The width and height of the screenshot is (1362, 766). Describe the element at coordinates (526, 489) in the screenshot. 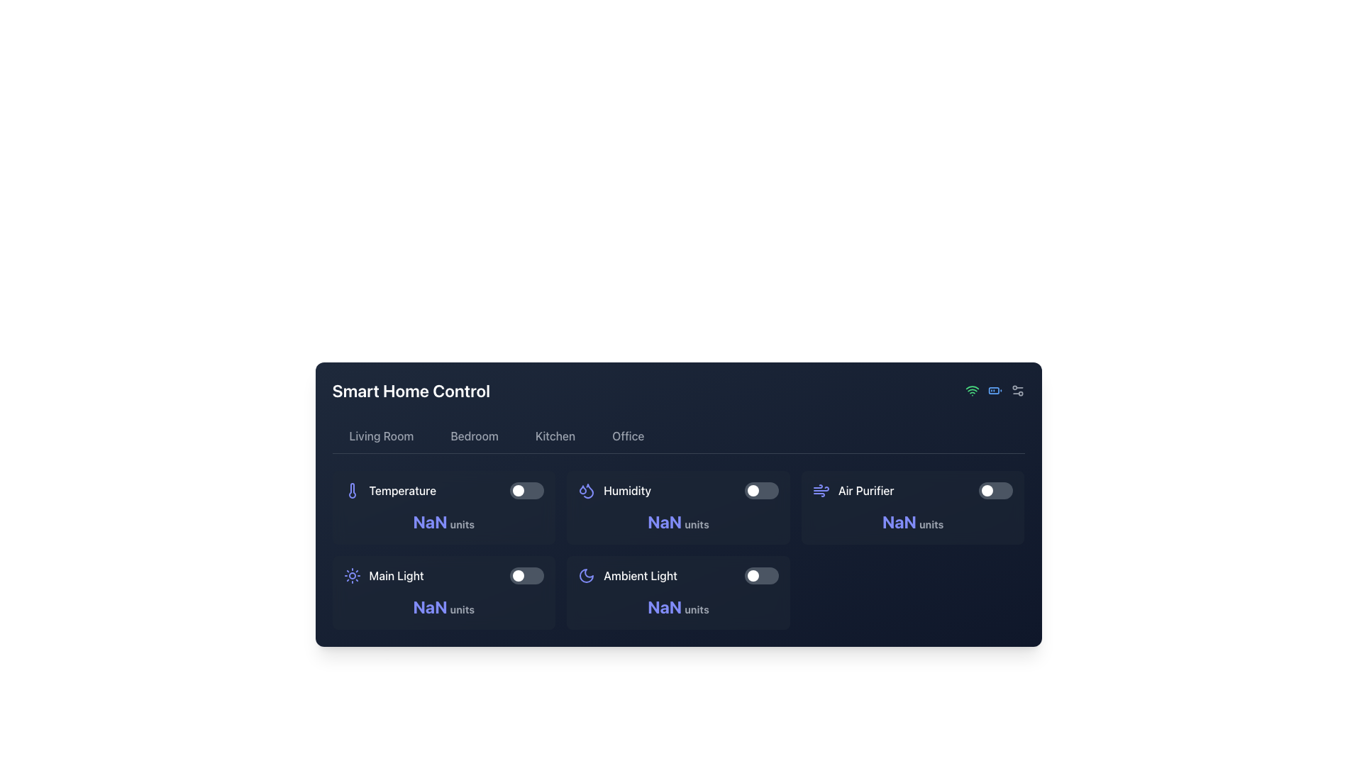

I see `the toggle switch for 'Temperature' to change its state from off to on` at that location.